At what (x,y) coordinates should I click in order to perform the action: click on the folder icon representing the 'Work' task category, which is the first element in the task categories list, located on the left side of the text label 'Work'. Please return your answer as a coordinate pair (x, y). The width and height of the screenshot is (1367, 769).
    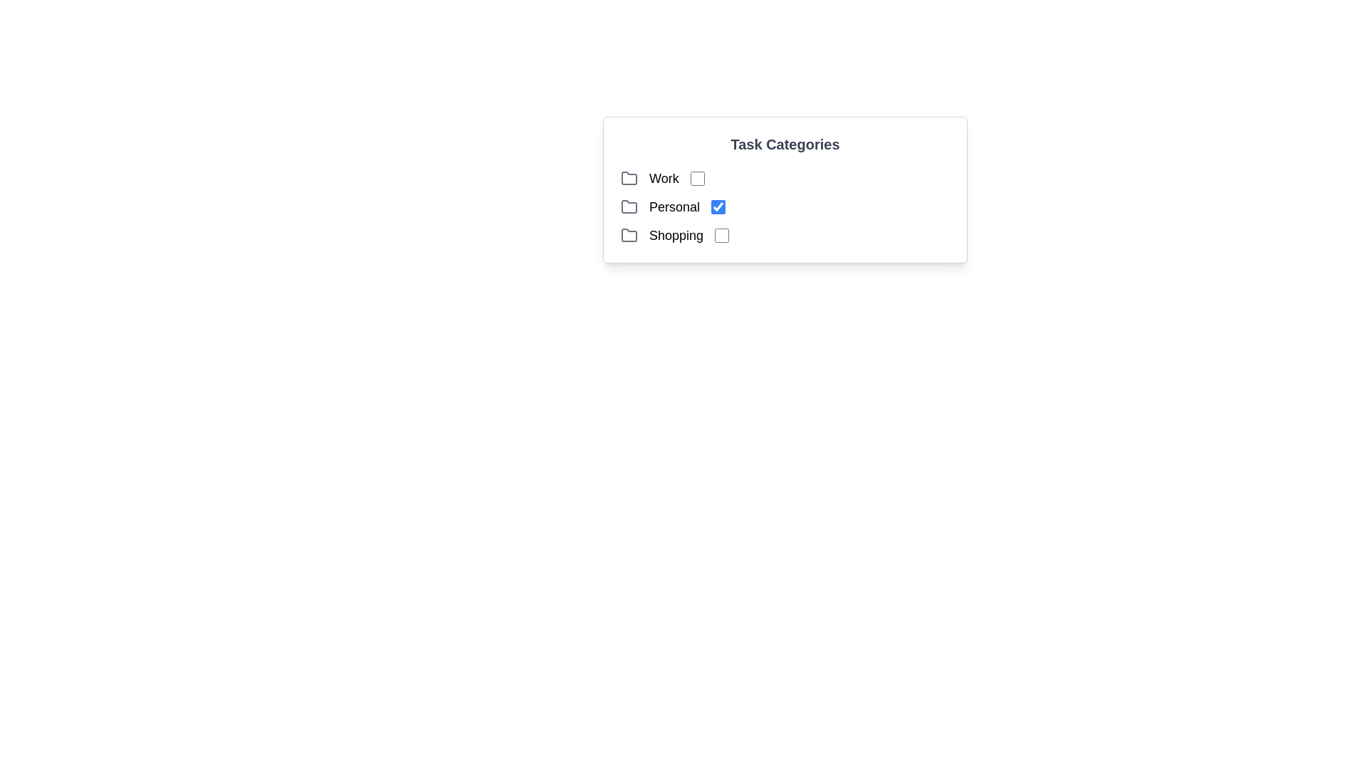
    Looking at the image, I should click on (628, 177).